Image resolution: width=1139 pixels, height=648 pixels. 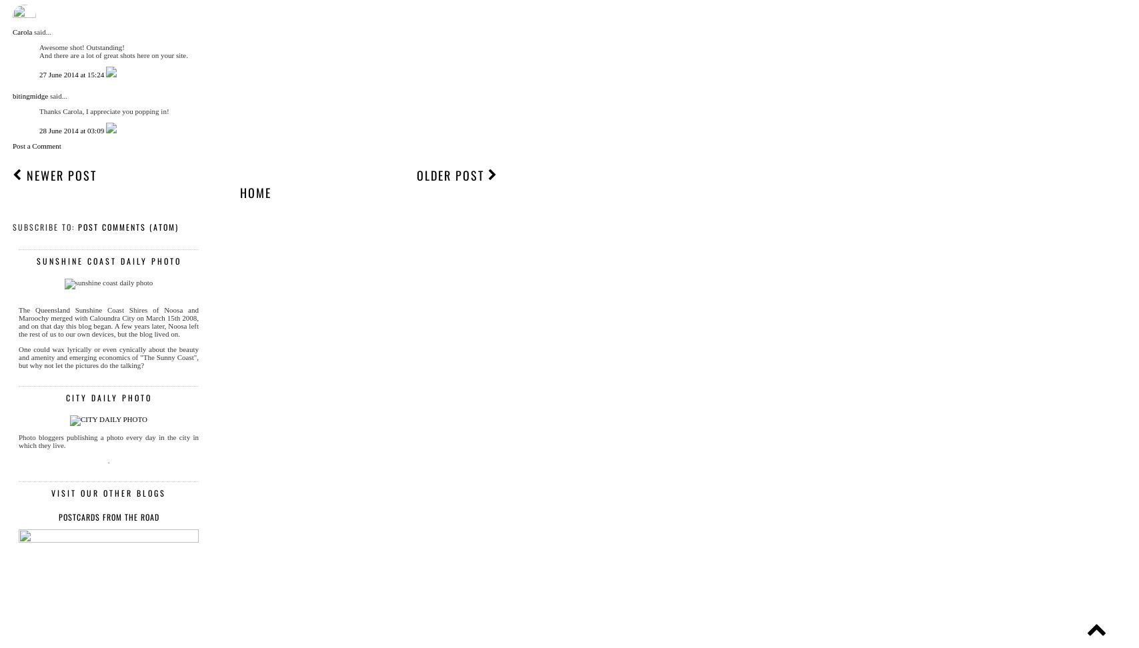 What do you see at coordinates (108, 321) in the screenshot?
I see `'The Queensland Sunshine Coast Shires of Noosa and Maroochy merged with Caloundra City on March 15th 2008, and on that day this blog began.  A few years later, Noosa left the rest of us to our own devices, but the blog lived on.'` at bounding box center [108, 321].